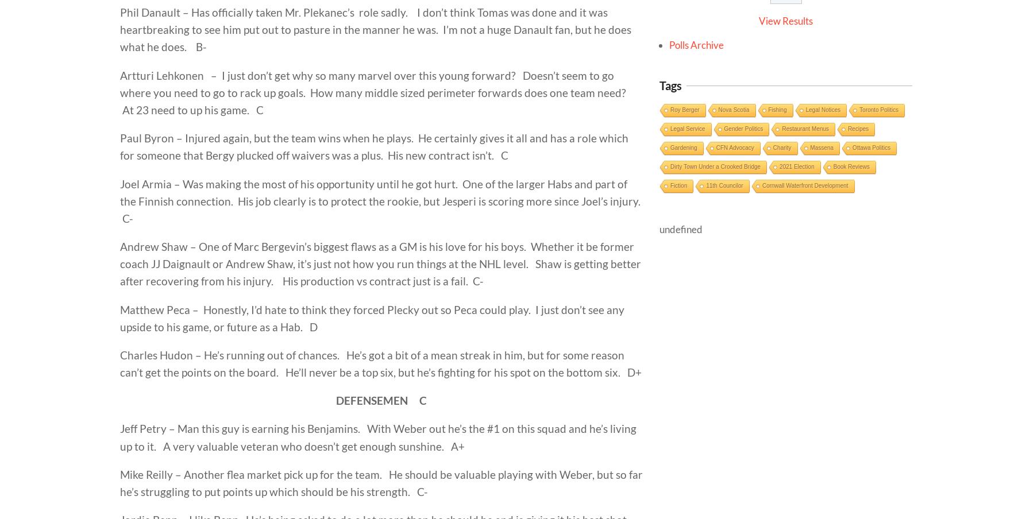 Image resolution: width=1034 pixels, height=519 pixels. What do you see at coordinates (796, 166) in the screenshot?
I see `'2021 Election'` at bounding box center [796, 166].